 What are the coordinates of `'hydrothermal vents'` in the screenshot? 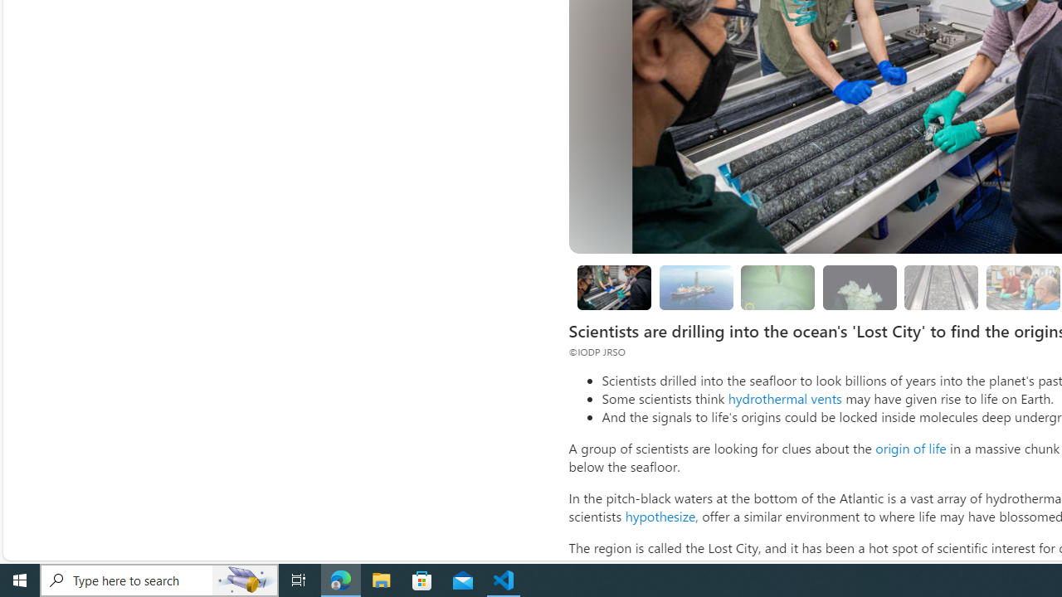 It's located at (783, 398).